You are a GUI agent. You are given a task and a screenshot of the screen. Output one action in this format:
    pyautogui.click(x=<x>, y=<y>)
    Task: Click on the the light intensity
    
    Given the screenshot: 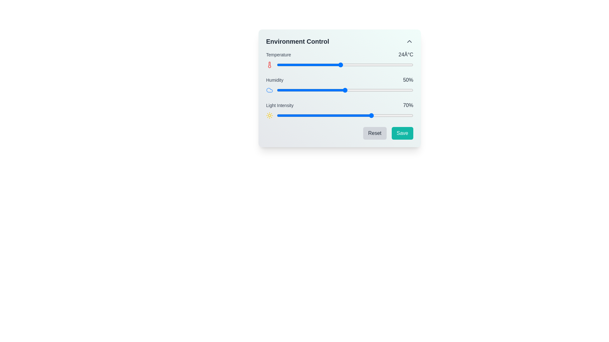 What is the action you would take?
    pyautogui.click(x=282, y=116)
    